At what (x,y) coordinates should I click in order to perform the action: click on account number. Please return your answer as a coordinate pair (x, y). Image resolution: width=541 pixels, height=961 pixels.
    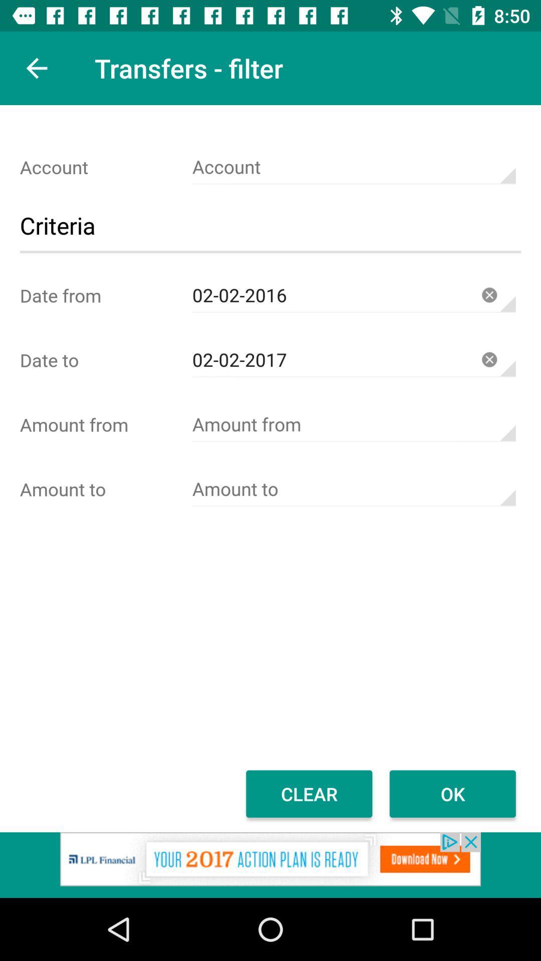
    Looking at the image, I should click on (353, 167).